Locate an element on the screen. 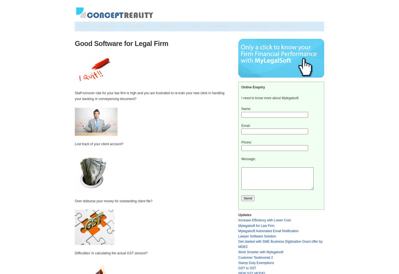 The width and height of the screenshot is (399, 274). 'I need to know more about Mylegalsoft.' is located at coordinates (270, 98).